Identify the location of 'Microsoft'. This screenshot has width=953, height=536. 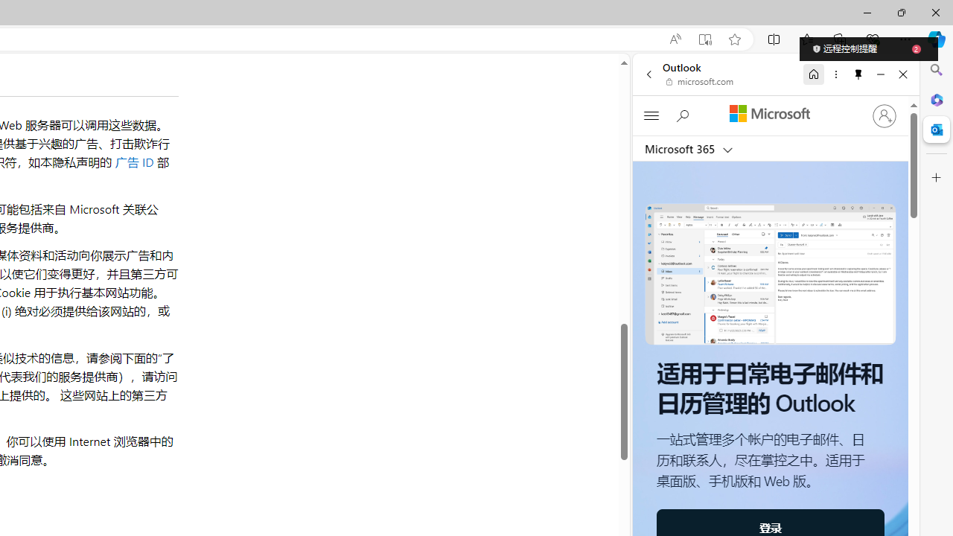
(769, 113).